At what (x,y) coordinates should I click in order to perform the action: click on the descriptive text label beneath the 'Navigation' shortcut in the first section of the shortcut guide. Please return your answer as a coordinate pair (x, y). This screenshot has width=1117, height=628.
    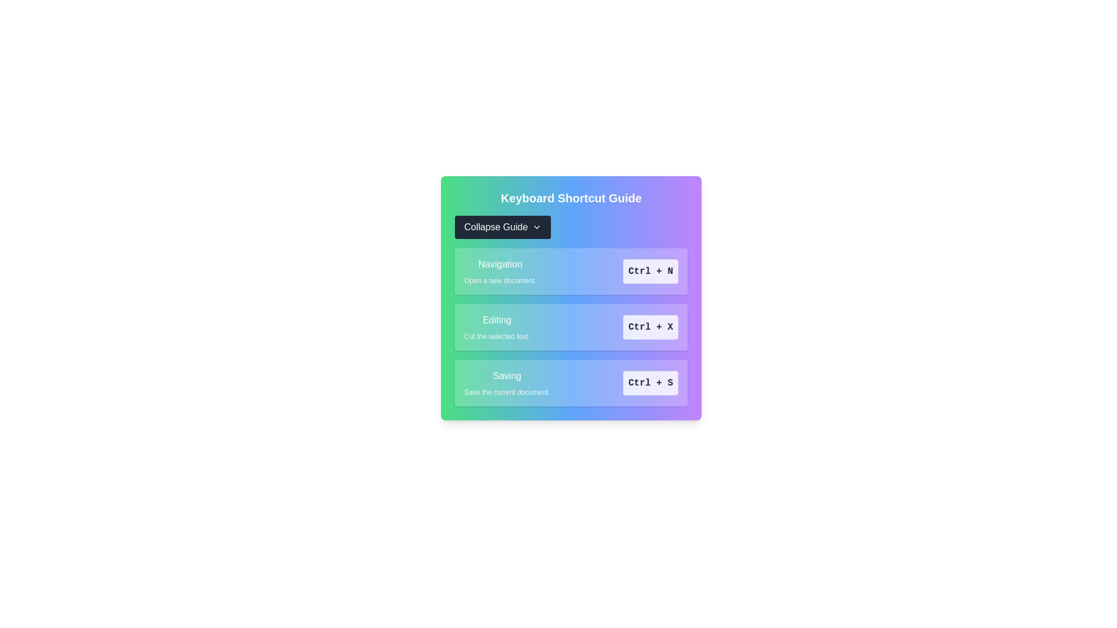
    Looking at the image, I should click on (500, 280).